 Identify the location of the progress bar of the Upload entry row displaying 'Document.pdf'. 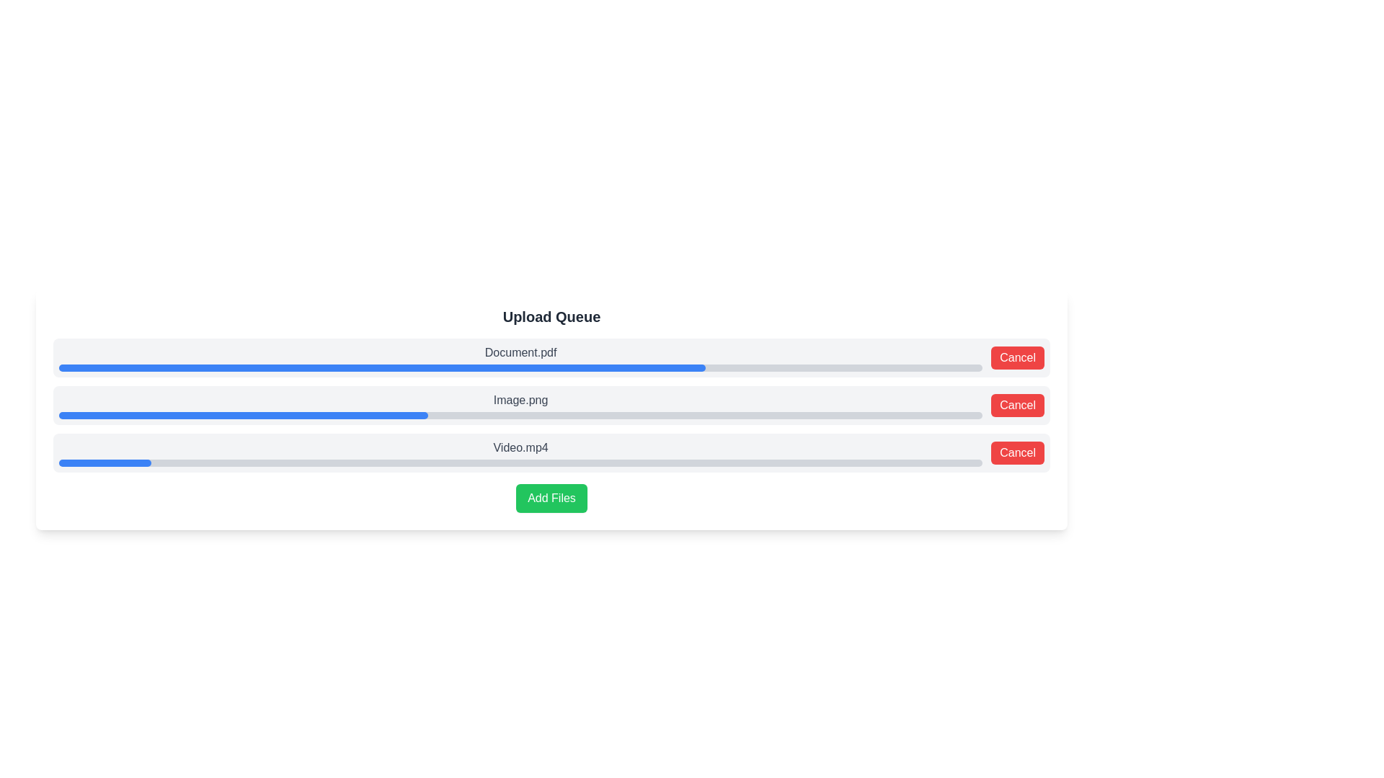
(551, 357).